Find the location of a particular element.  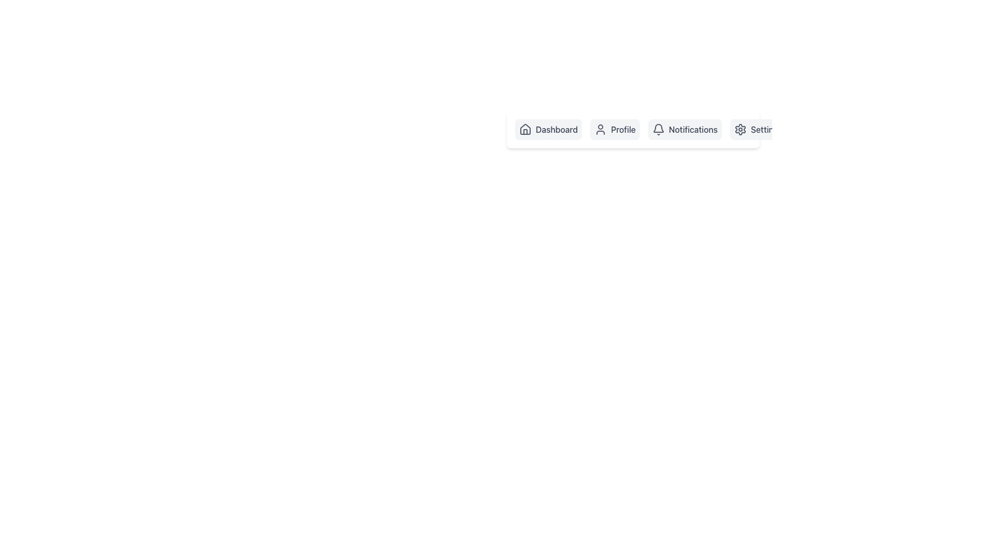

the Text Label that provides context for the adjacent settings icon in the navigation bar, positioned as the last item in the menu is located at coordinates (766, 129).